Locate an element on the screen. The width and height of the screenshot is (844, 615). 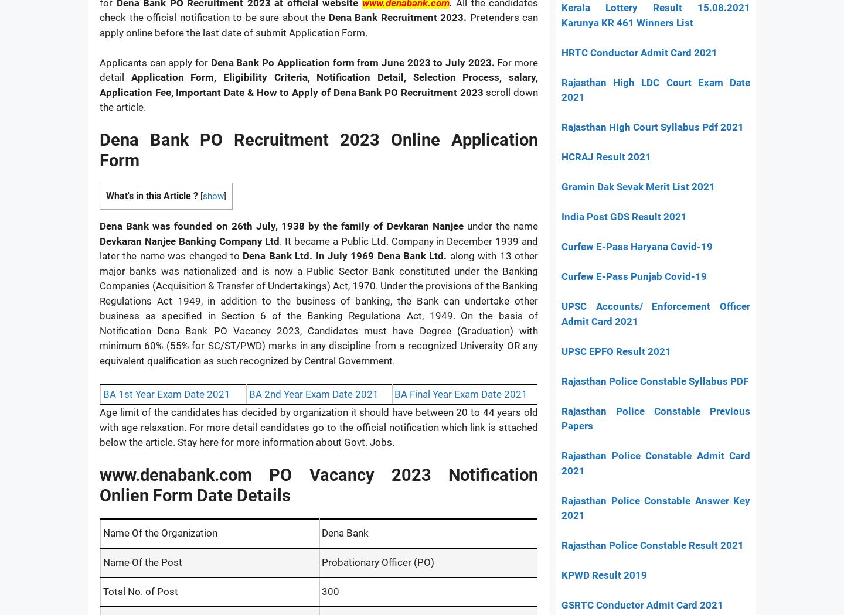
'Dena Bank' is located at coordinates (344, 532).